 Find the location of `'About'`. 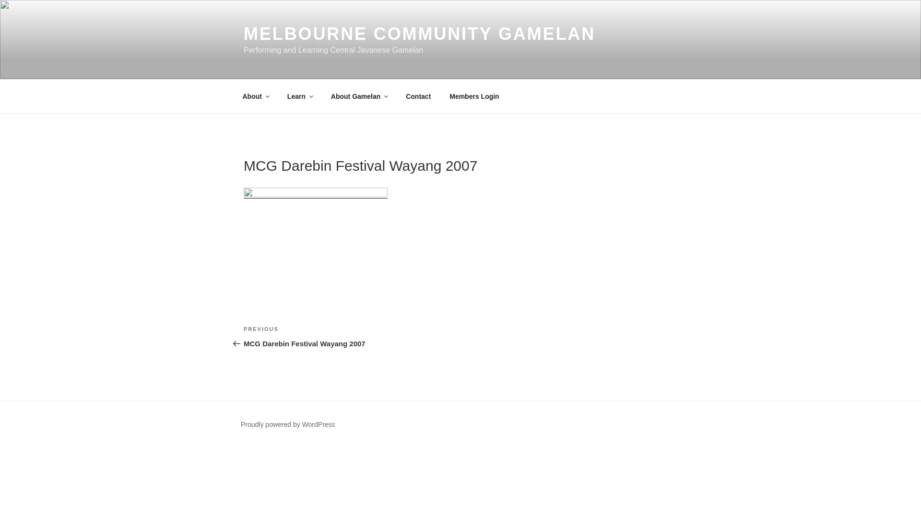

'About' is located at coordinates (234, 96).